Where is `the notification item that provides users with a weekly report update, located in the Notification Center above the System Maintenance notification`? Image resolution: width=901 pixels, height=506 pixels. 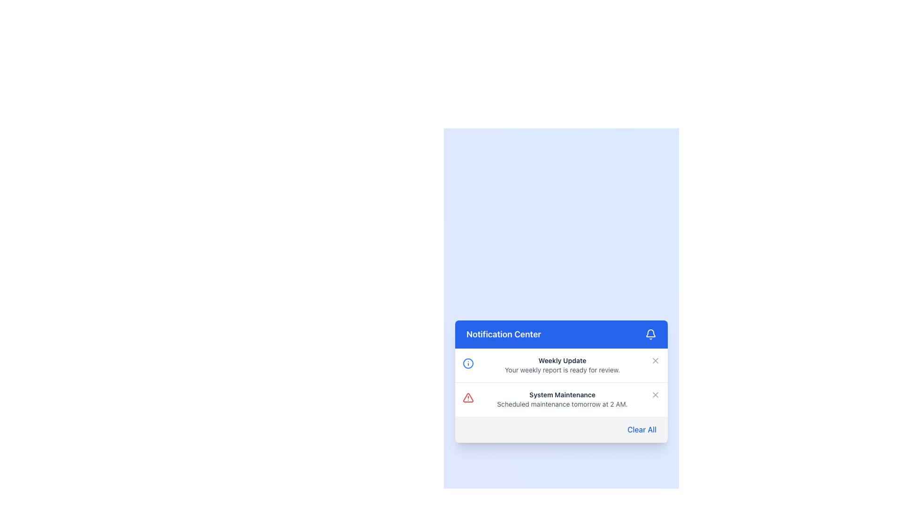
the notification item that provides users with a weekly report update, located in the Notification Center above the System Maintenance notification is located at coordinates (562, 365).